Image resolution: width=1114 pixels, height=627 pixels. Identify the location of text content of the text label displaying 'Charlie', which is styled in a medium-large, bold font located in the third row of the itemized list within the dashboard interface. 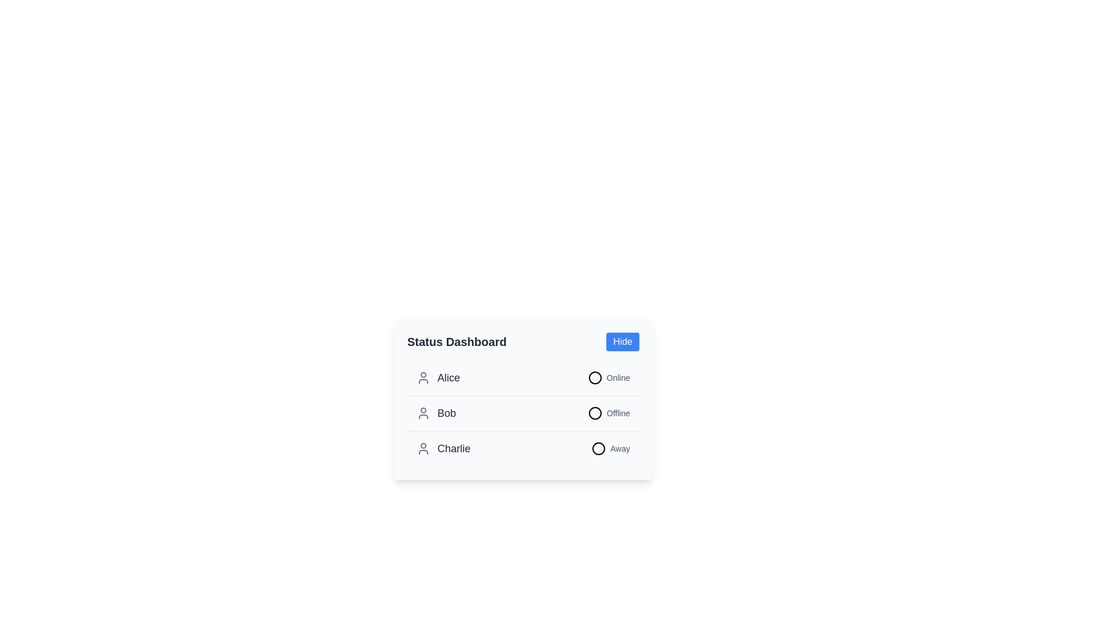
(453, 448).